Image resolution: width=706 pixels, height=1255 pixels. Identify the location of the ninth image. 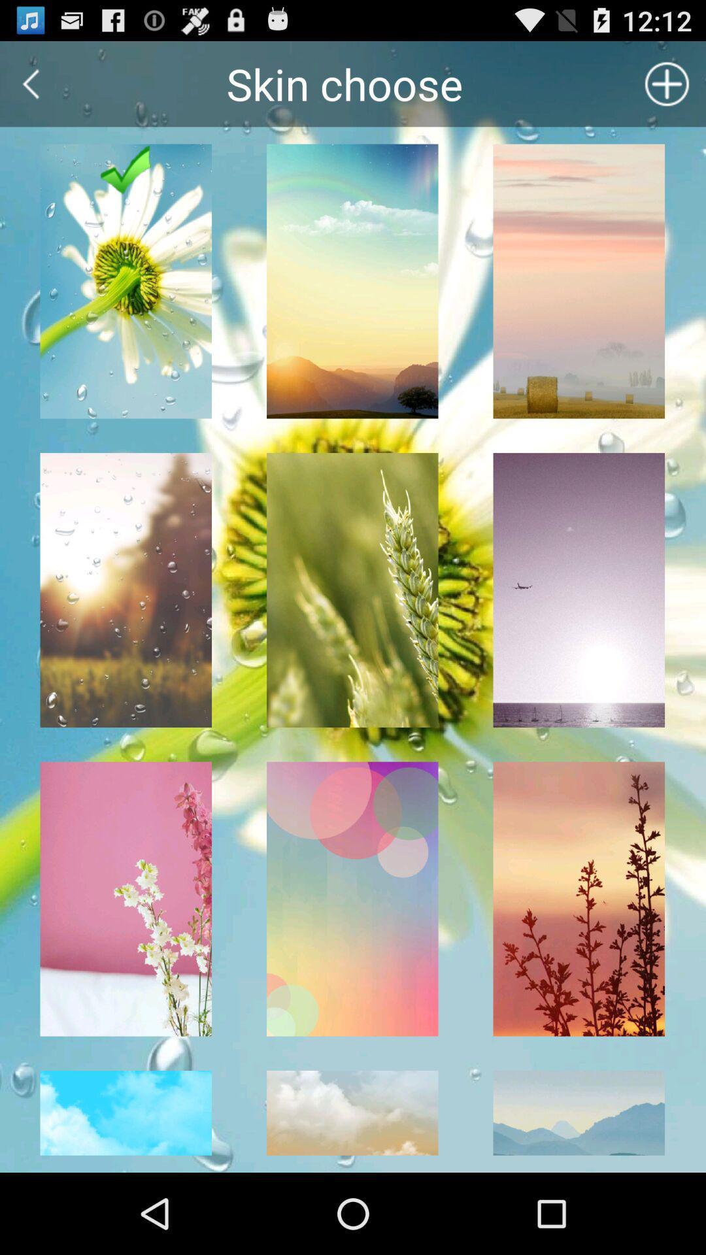
(579, 899).